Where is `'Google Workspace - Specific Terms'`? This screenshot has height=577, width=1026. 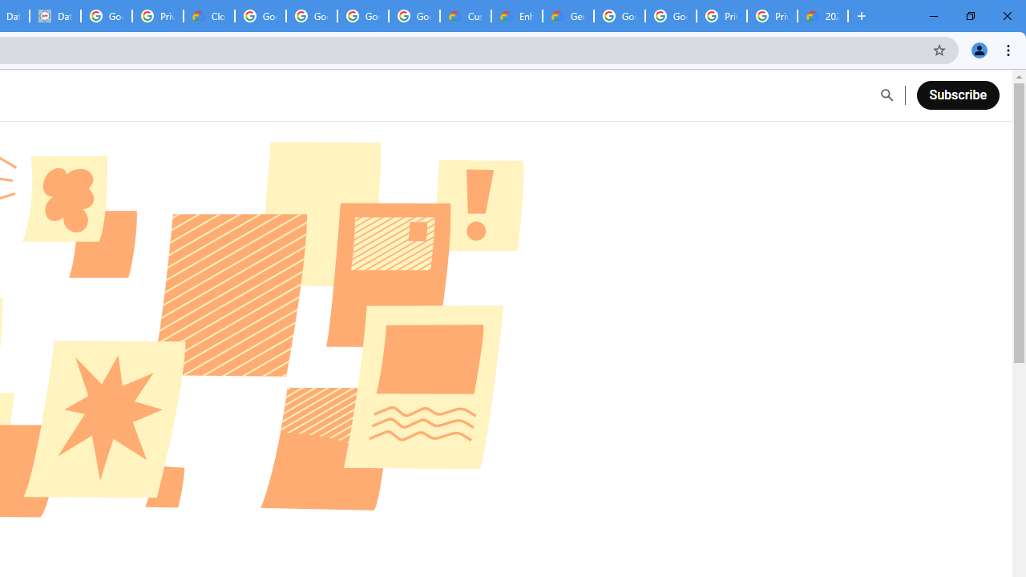
'Google Workspace - Specific Terms' is located at coordinates (362, 16).